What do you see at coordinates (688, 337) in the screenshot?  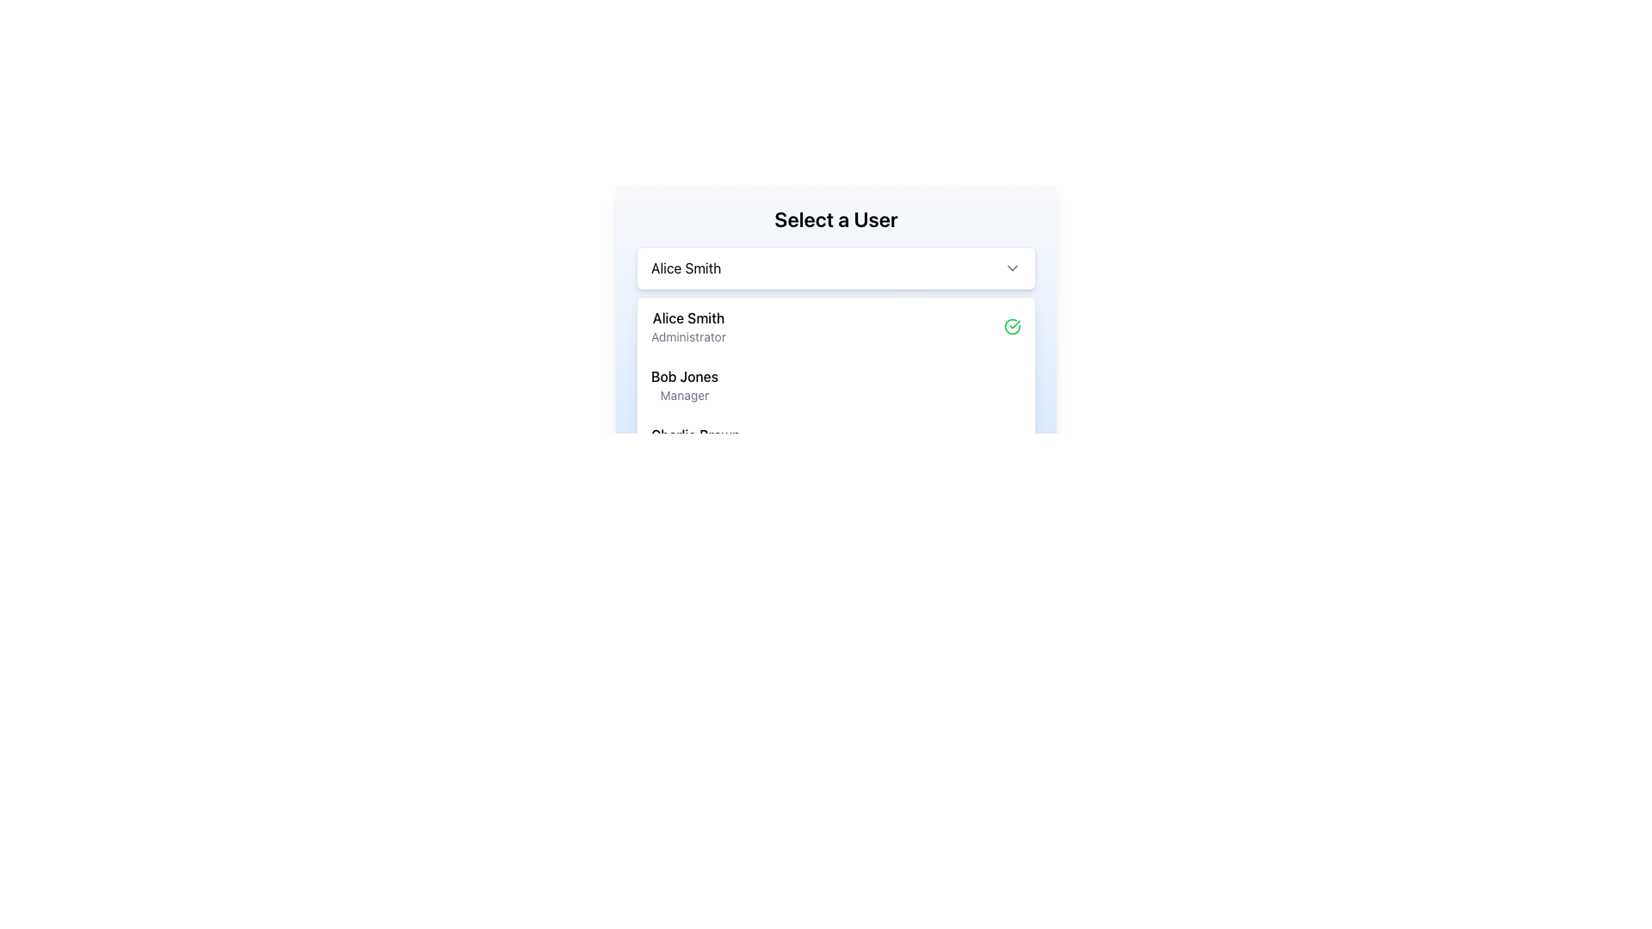 I see `the text label displaying 'Administrator', which is positioned just below the name 'Alice Smith' in the user selection list` at bounding box center [688, 337].